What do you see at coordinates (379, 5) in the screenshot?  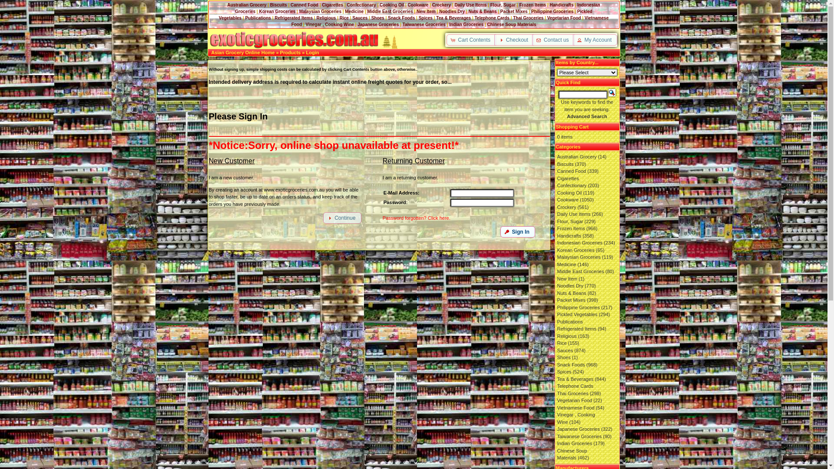 I see `'Cooking Oil'` at bounding box center [379, 5].